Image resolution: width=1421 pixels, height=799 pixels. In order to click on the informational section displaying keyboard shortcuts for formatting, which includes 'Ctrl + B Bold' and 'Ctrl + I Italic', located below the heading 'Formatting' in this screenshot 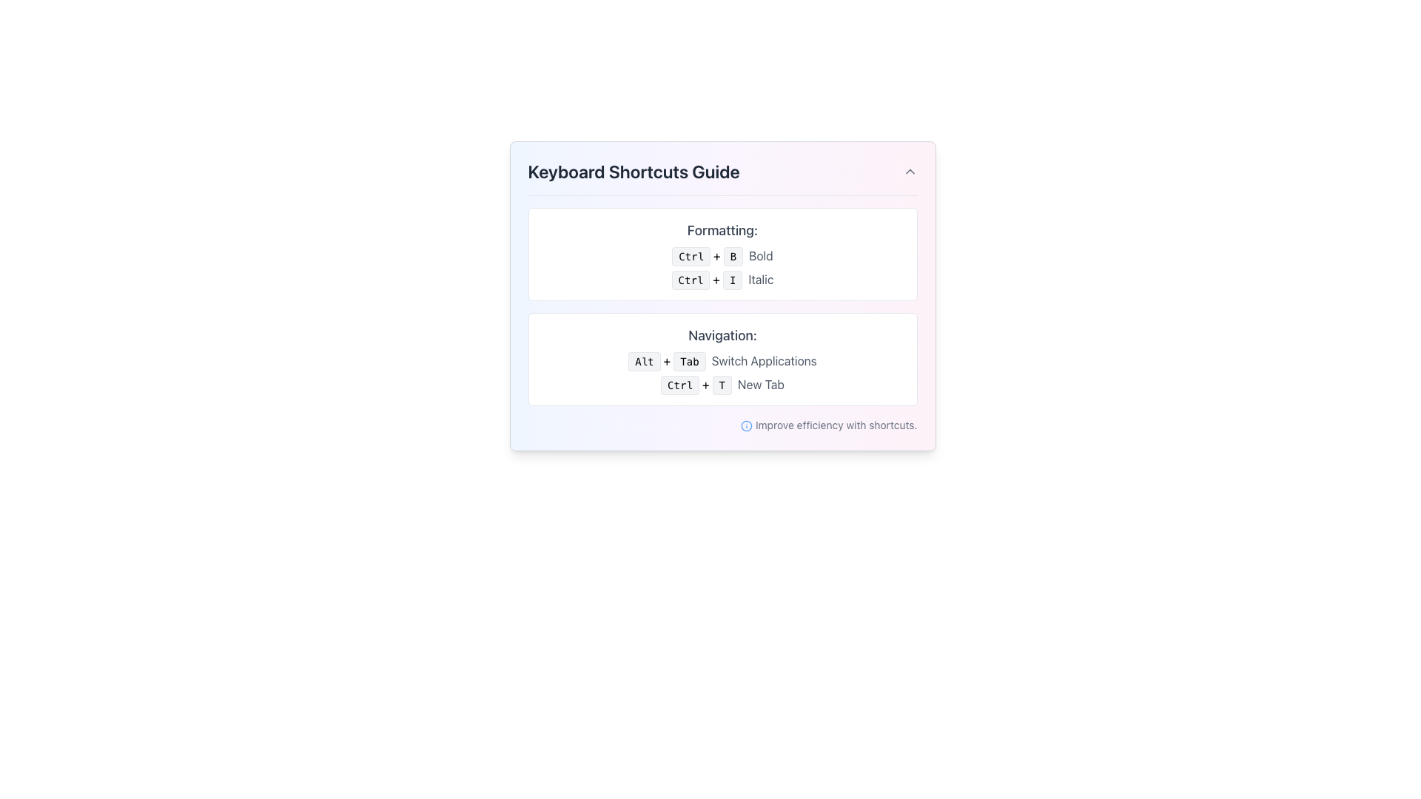, I will do `click(722, 268)`.